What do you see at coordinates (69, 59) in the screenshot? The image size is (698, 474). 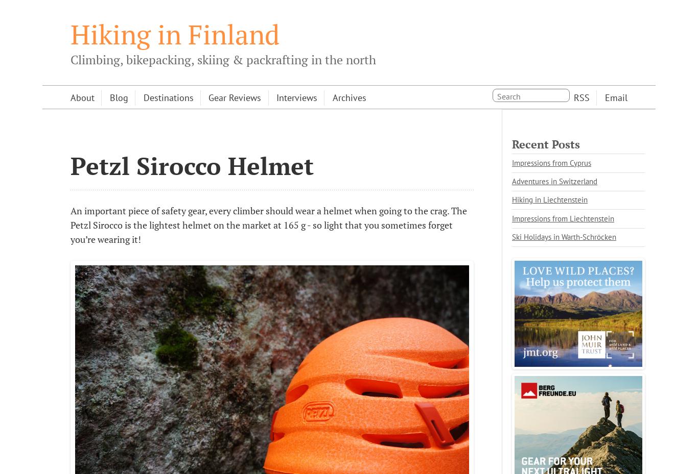 I see `'Climbing, bikepacking, skiing & packrafting in the north'` at bounding box center [69, 59].